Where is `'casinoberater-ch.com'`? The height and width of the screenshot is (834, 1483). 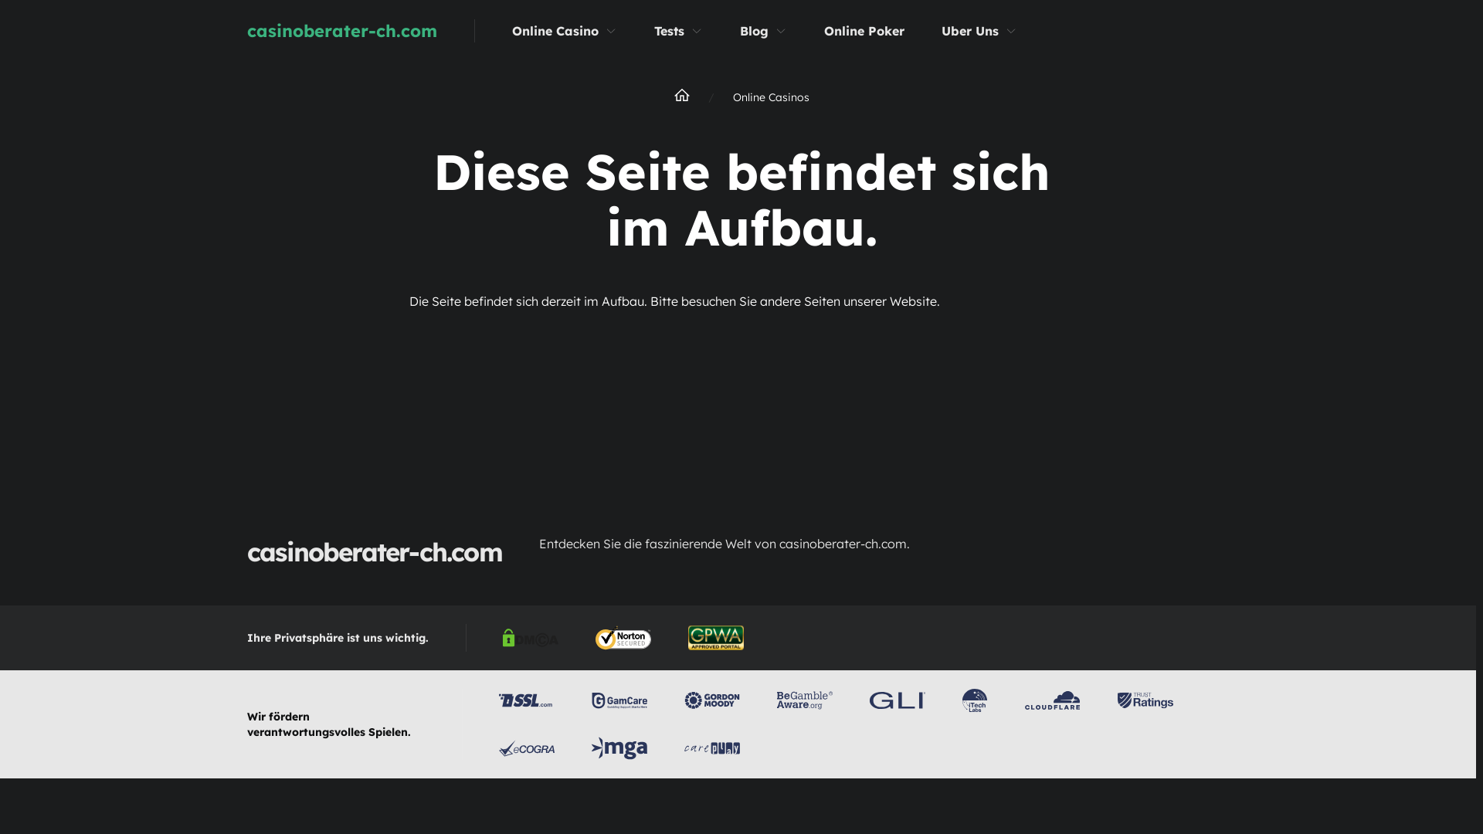 'casinoberater-ch.com' is located at coordinates (379, 30).